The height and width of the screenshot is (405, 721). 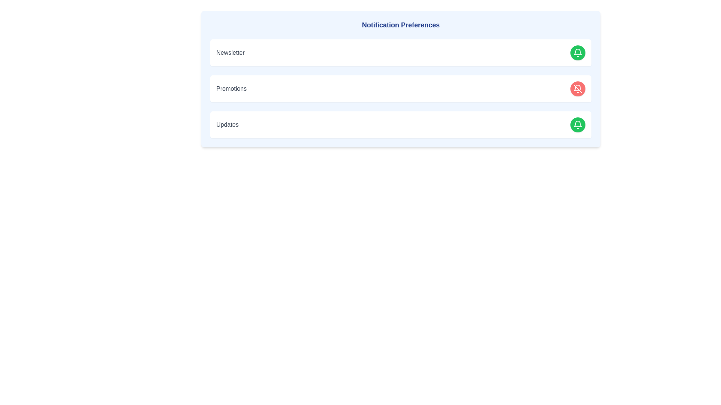 What do you see at coordinates (400, 24) in the screenshot?
I see `the 'Notification Preferences' heading` at bounding box center [400, 24].